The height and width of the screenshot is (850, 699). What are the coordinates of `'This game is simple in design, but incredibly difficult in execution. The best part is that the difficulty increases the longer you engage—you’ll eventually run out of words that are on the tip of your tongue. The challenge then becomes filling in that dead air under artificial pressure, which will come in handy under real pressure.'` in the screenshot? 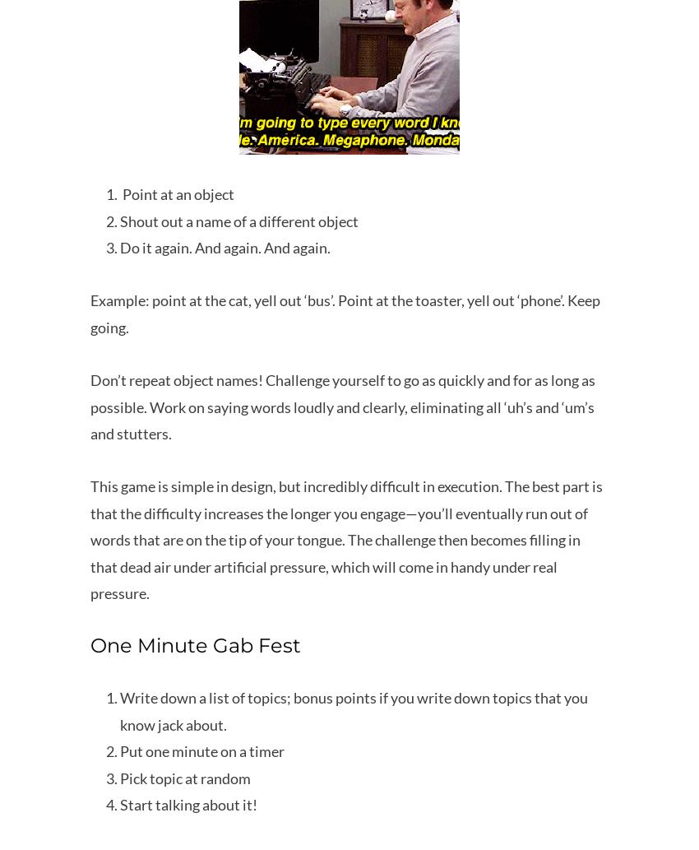 It's located at (89, 538).